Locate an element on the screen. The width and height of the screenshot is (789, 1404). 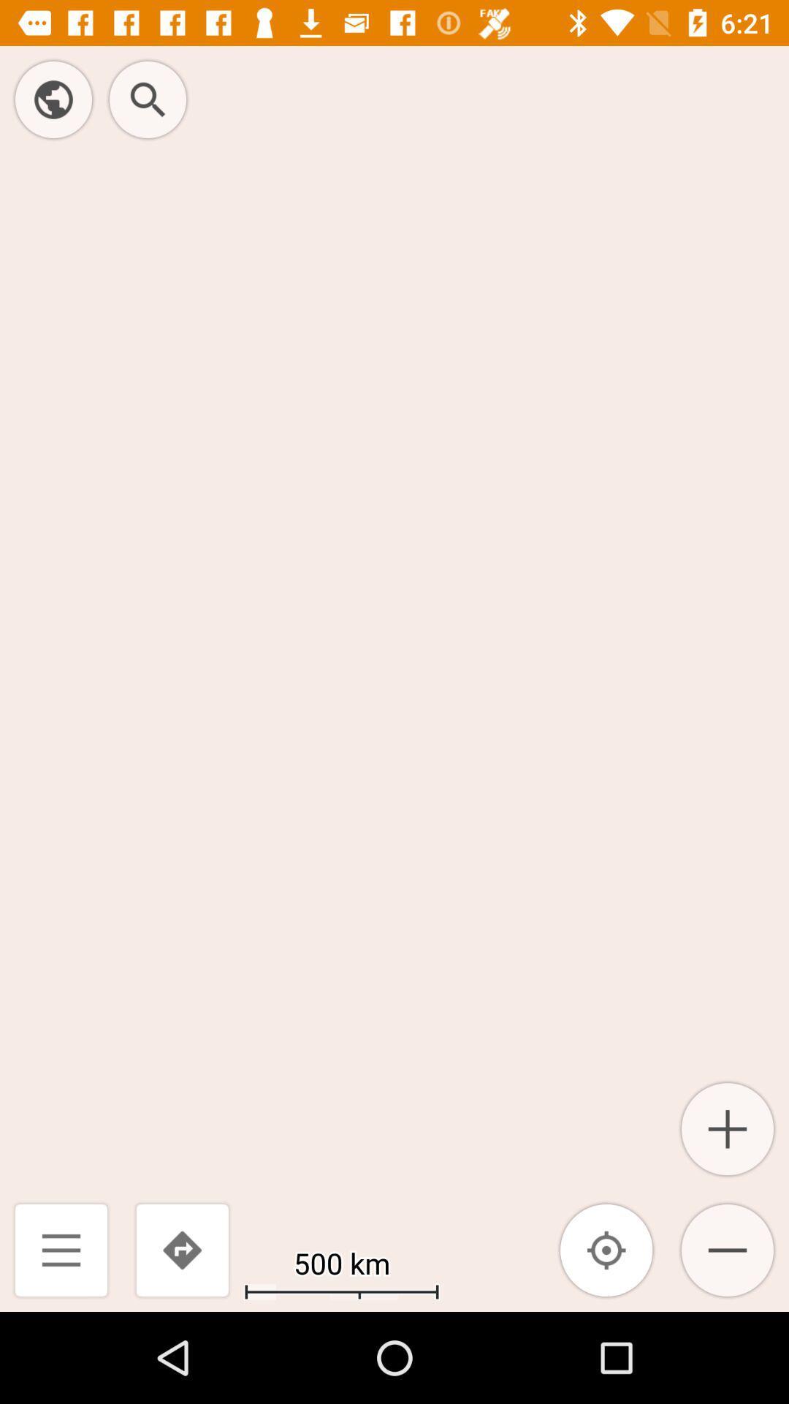
the location_crosshair icon is located at coordinates (606, 1249).